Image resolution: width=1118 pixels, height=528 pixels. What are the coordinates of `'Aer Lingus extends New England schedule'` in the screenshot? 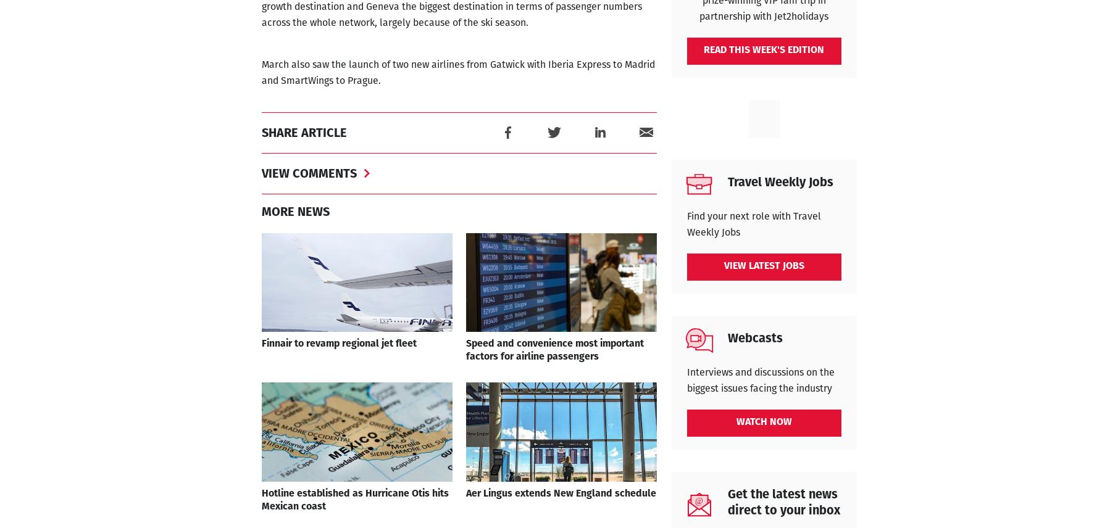 It's located at (560, 493).